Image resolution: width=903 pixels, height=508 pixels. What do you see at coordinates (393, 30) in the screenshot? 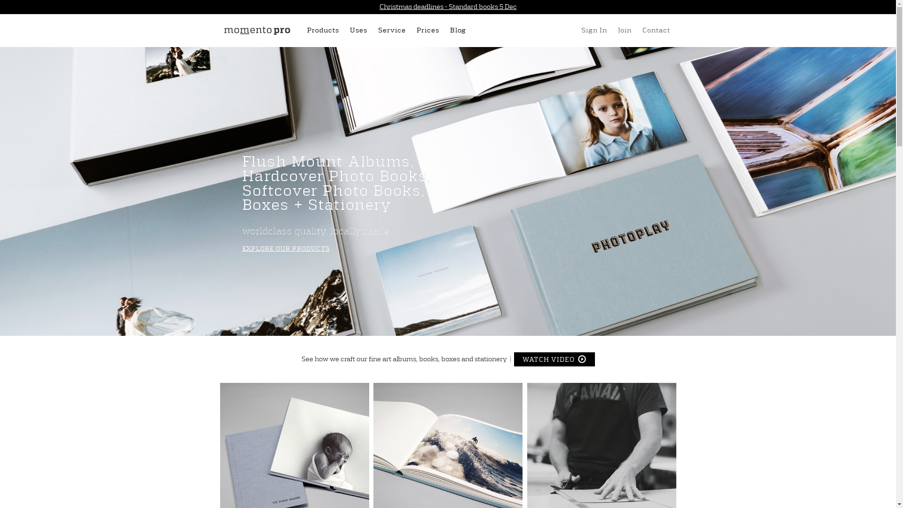
I see `'Service'` at bounding box center [393, 30].